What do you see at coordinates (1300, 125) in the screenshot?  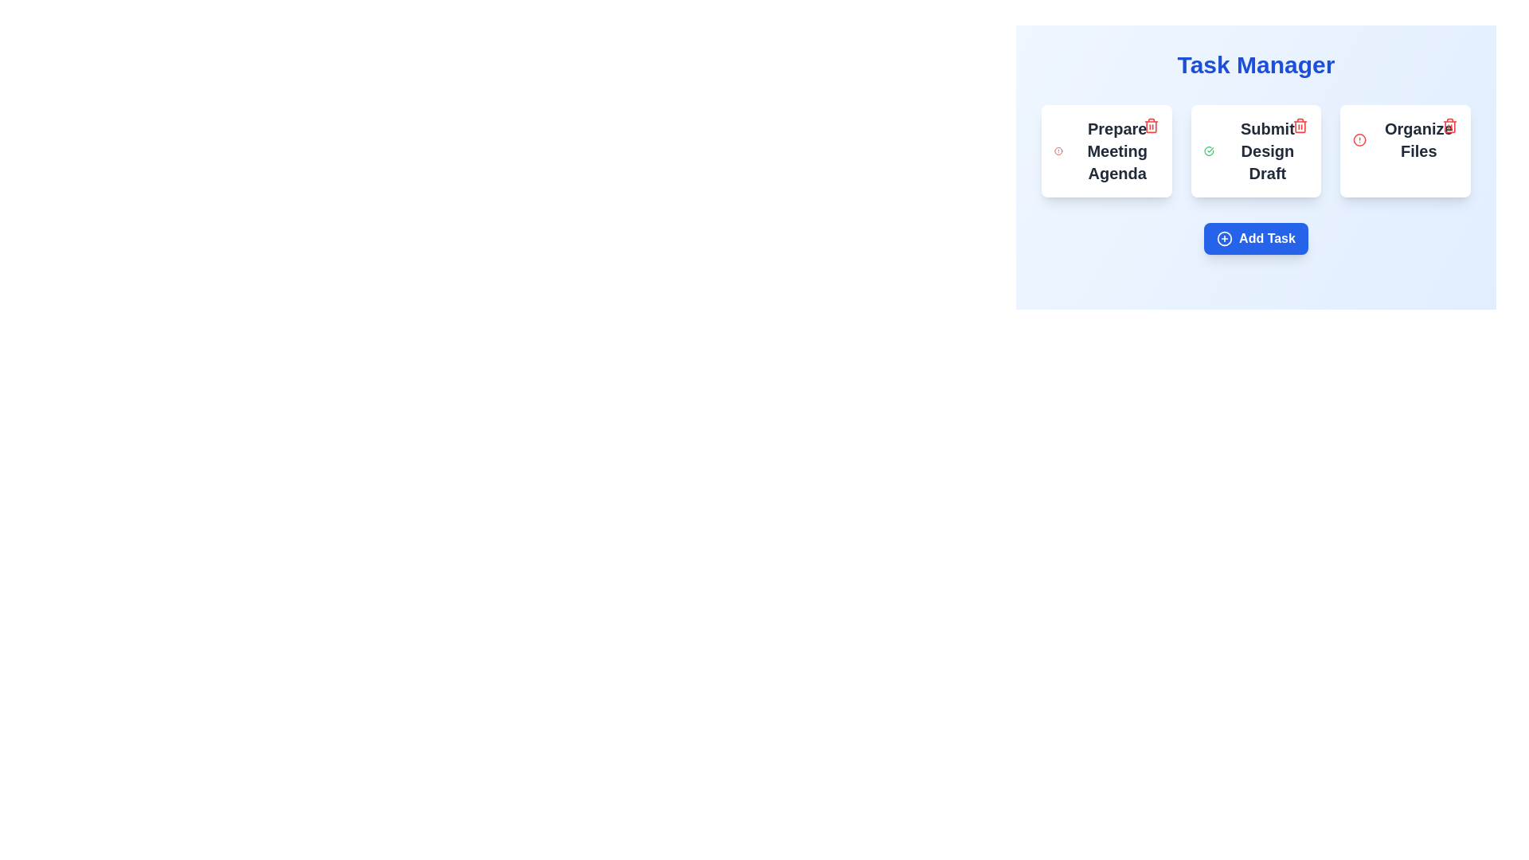 I see `the red trash can icon located in the top-right corner of the 'Submit Design Draft' task card to change its color` at bounding box center [1300, 125].